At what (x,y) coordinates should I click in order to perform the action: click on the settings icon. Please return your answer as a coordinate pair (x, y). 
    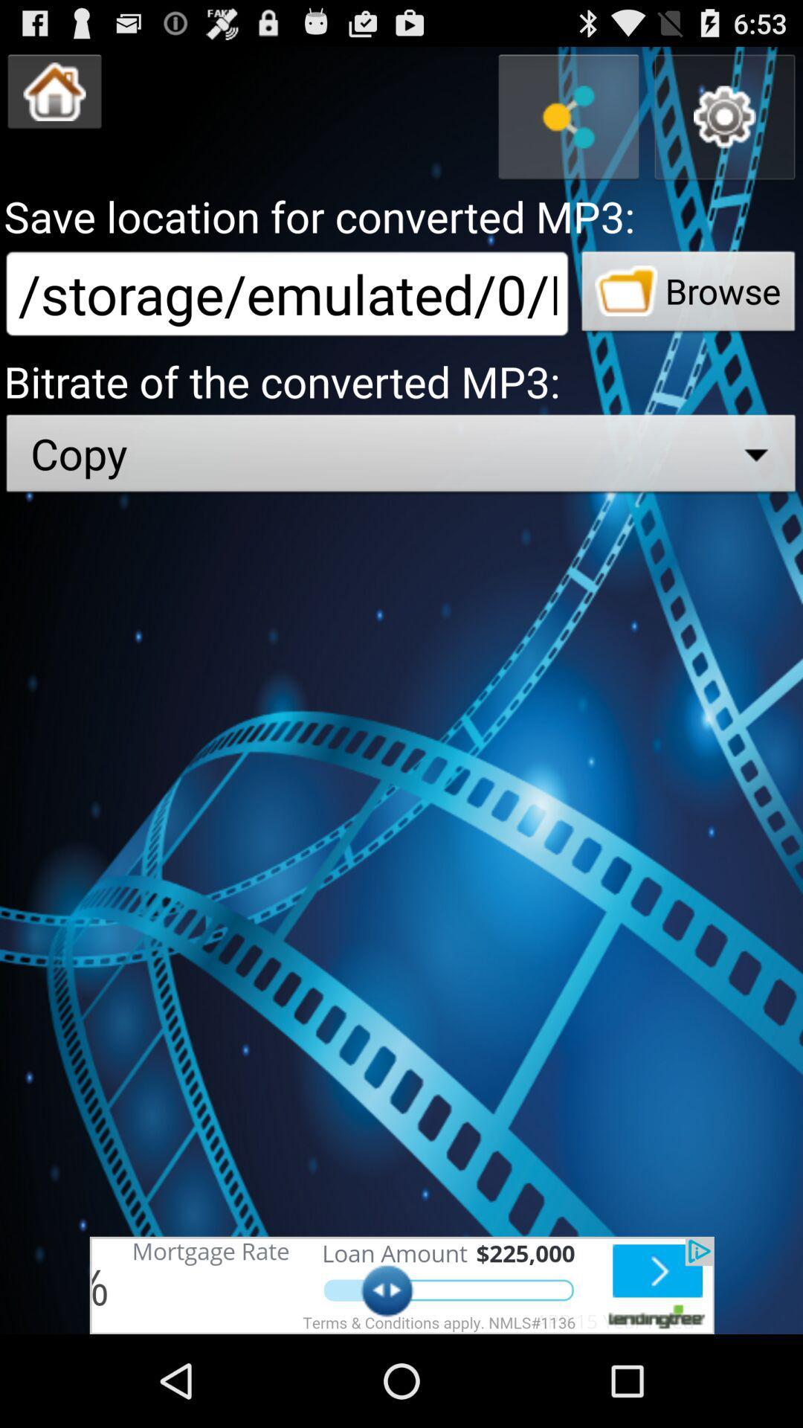
    Looking at the image, I should click on (724, 125).